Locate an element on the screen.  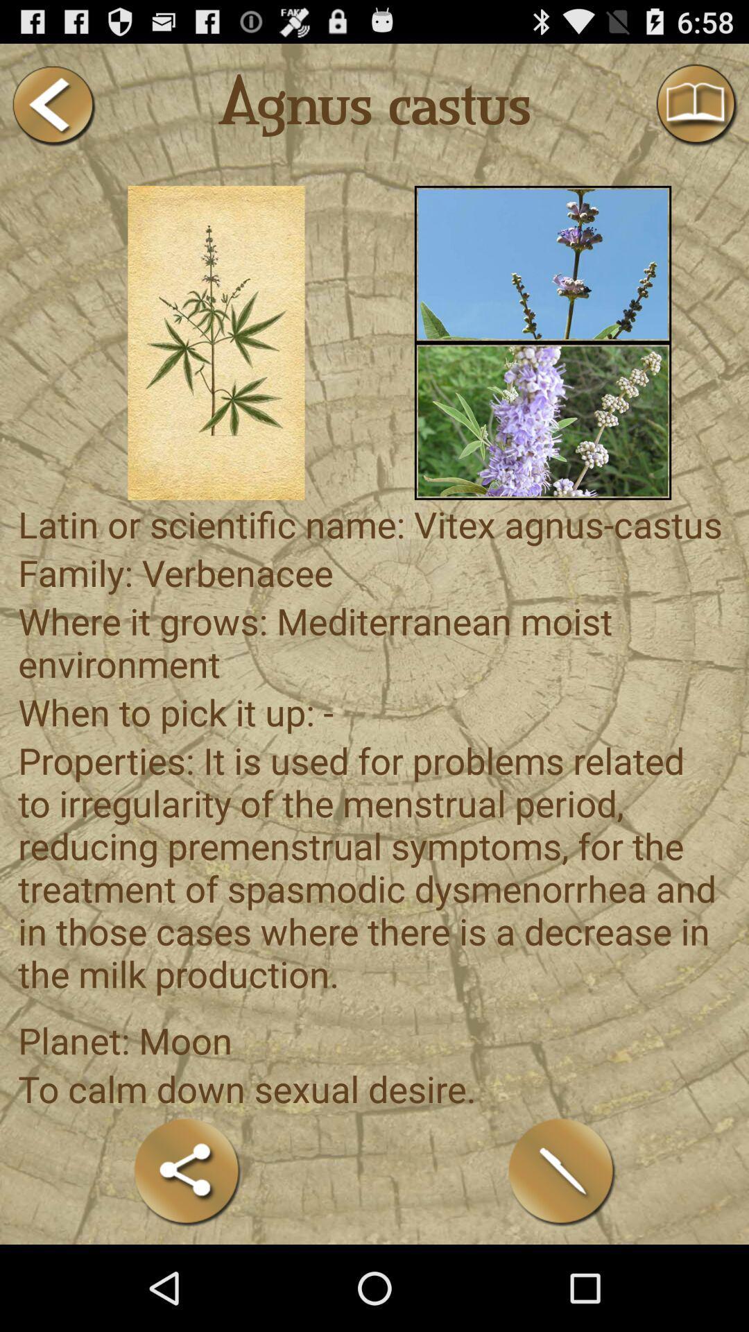
share the article is located at coordinates (187, 1171).